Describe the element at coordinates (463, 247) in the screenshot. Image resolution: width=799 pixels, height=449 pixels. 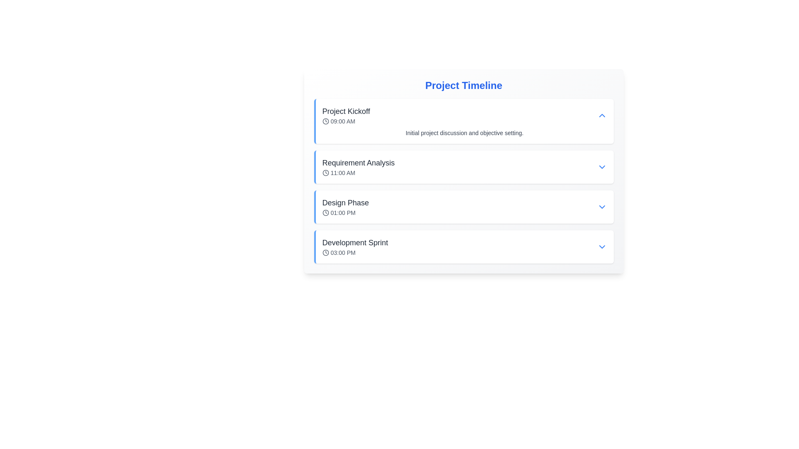
I see `the collapsible list item representing the 'Development Sprint' event at 3:00 PM` at that location.